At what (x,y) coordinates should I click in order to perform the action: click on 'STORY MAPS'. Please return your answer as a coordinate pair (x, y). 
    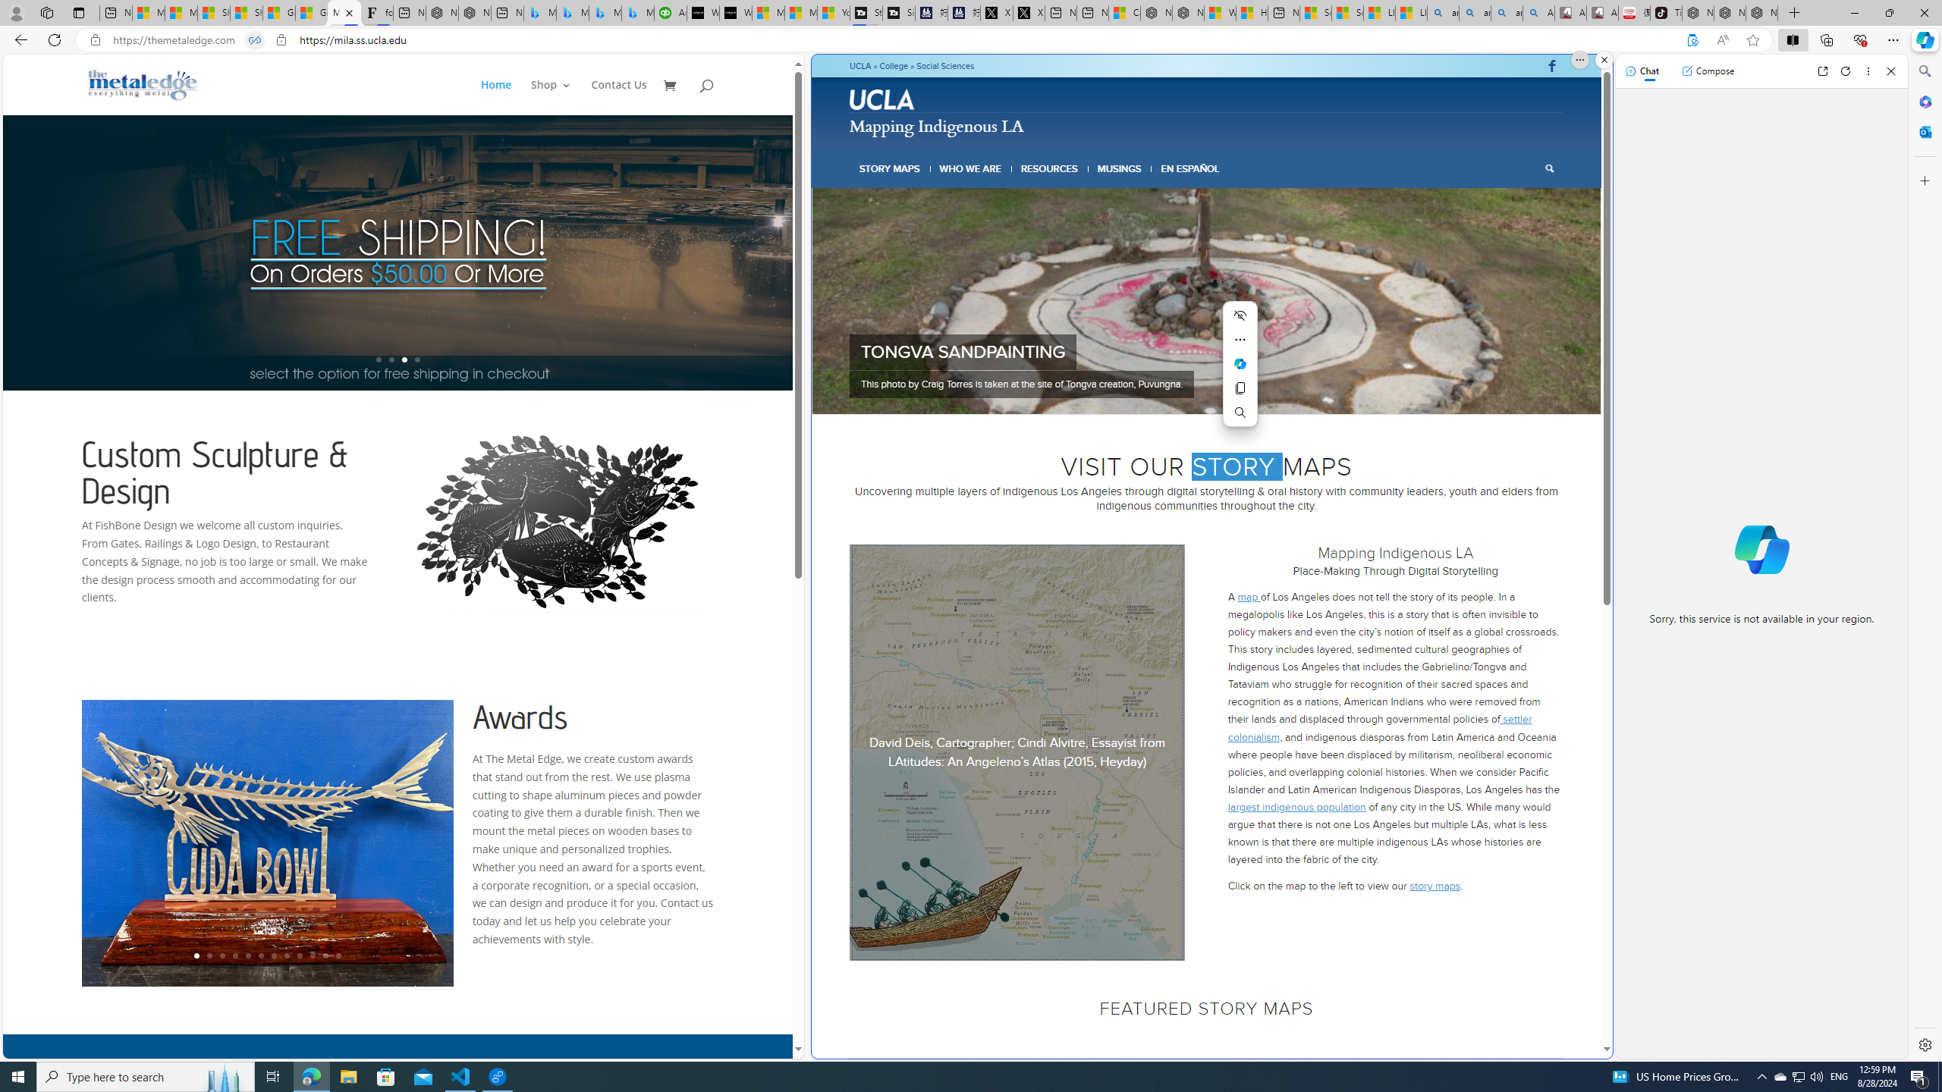
    Looking at the image, I should click on (890, 168).